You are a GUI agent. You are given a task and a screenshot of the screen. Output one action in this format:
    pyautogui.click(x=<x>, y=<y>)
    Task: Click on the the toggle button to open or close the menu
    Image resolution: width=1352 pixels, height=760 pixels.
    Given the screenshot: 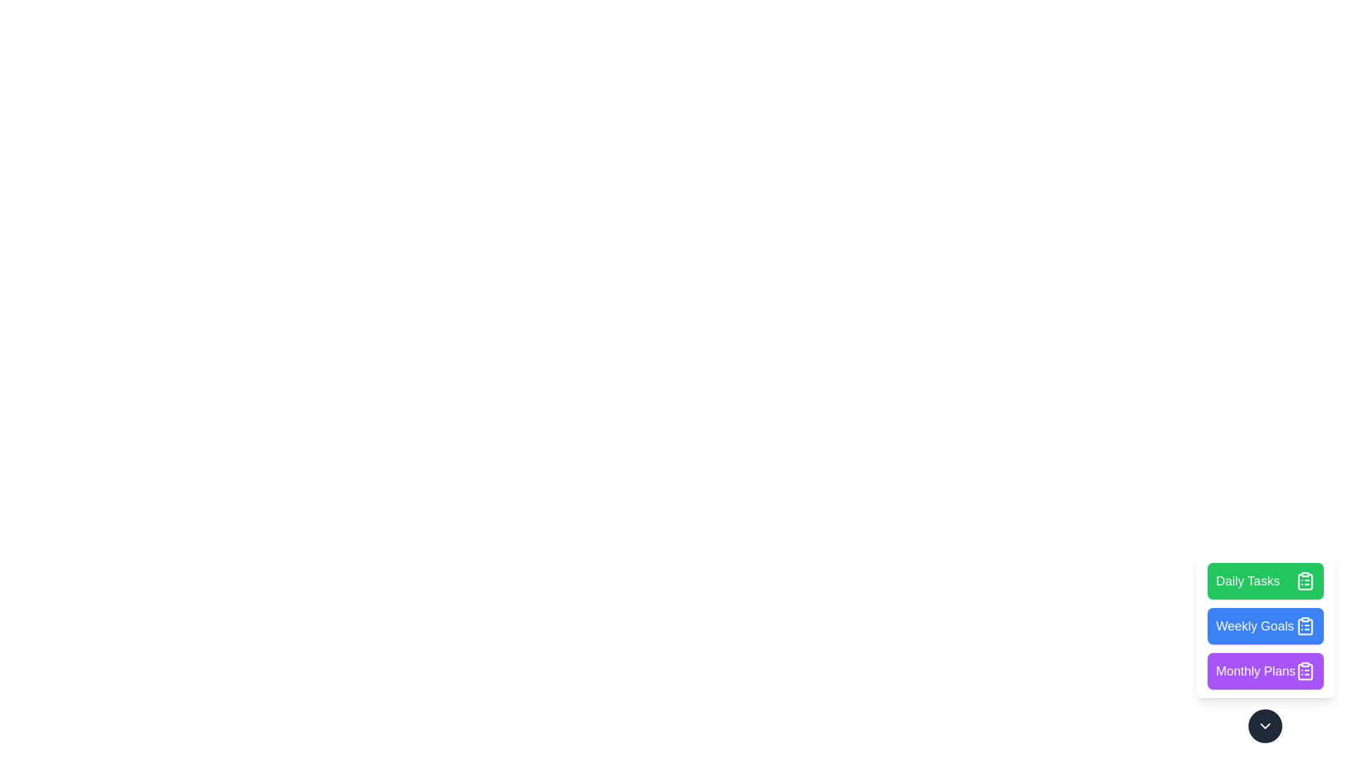 What is the action you would take?
    pyautogui.click(x=1265, y=726)
    